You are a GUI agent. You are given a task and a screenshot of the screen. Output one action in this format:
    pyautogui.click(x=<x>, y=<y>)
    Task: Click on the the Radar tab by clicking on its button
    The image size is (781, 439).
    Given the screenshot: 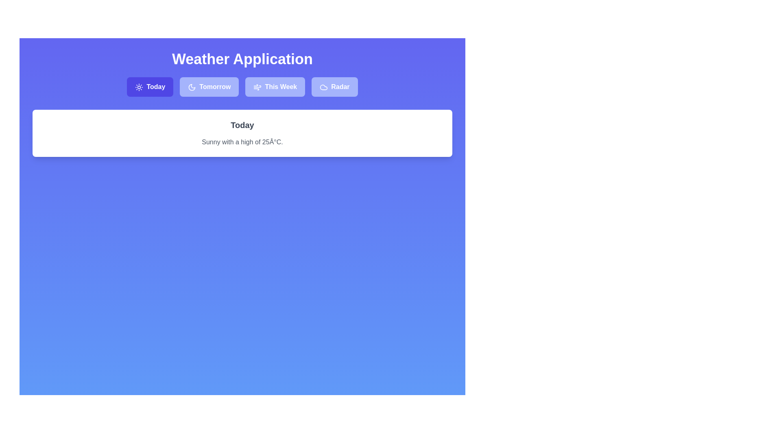 What is the action you would take?
    pyautogui.click(x=334, y=87)
    